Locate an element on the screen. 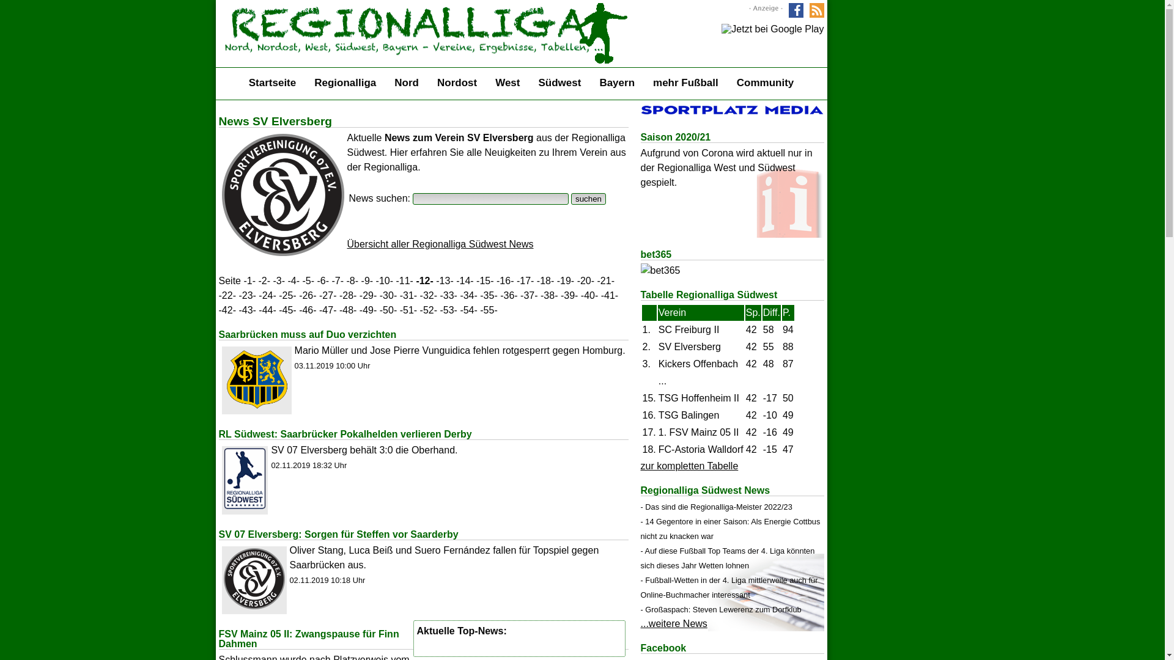  'zur kompletten Tabelle' is located at coordinates (690, 466).